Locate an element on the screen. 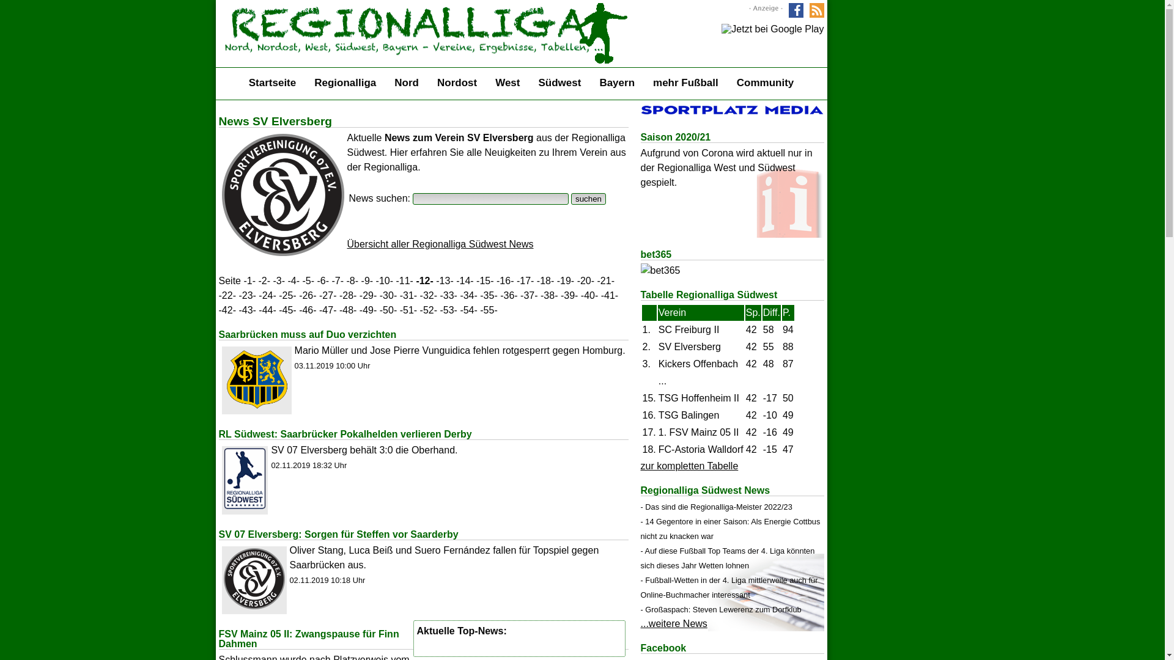  'zur kompletten Tabelle' is located at coordinates (690, 466).